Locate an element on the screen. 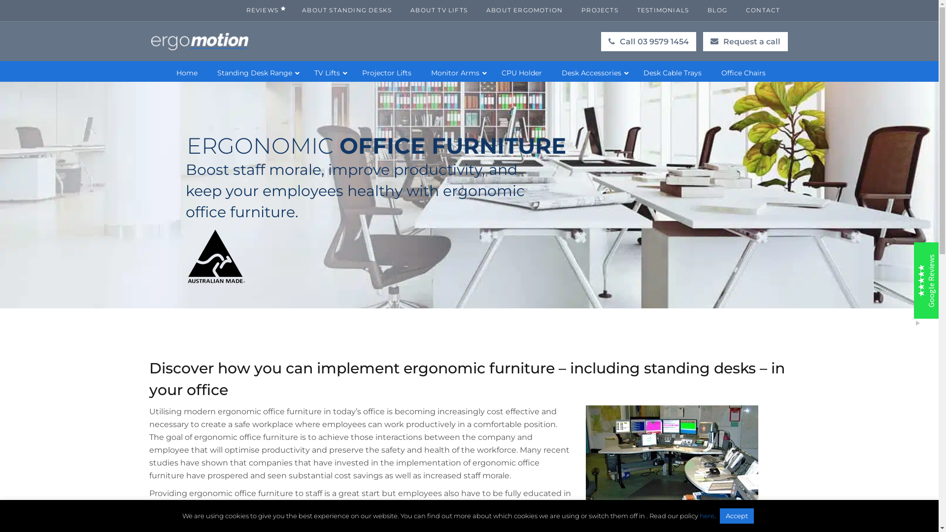 The height and width of the screenshot is (532, 946). 'Desk Cable Trays' is located at coordinates (672, 72).